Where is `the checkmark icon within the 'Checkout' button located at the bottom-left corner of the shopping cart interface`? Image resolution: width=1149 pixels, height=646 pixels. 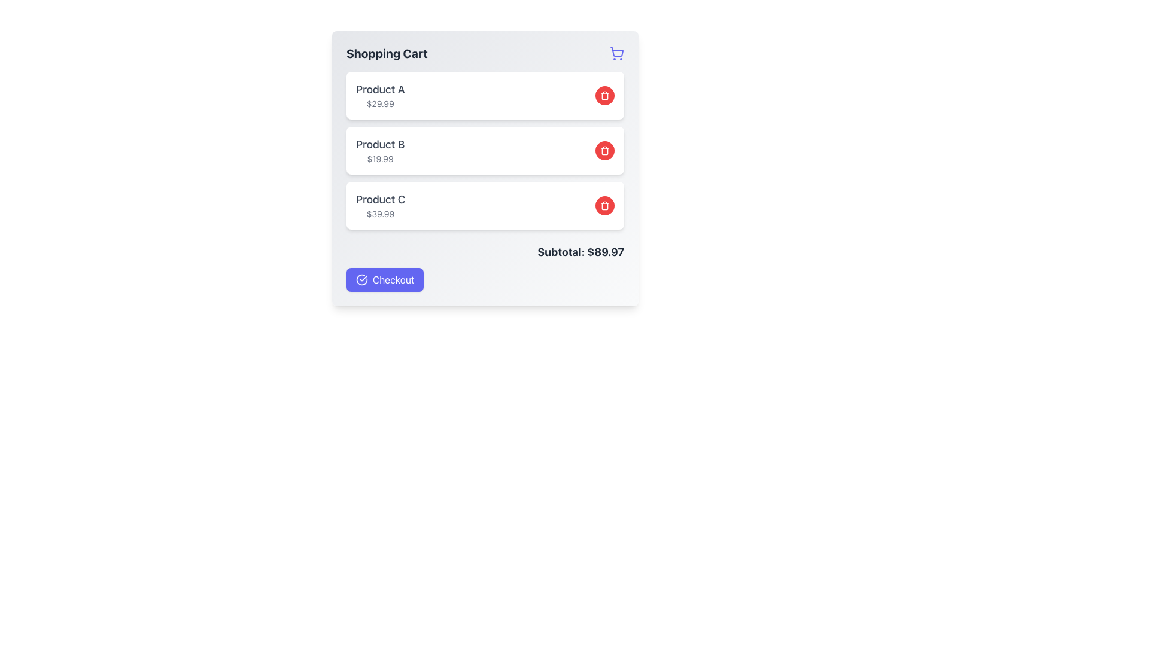
the checkmark icon within the 'Checkout' button located at the bottom-left corner of the shopping cart interface is located at coordinates (361, 279).